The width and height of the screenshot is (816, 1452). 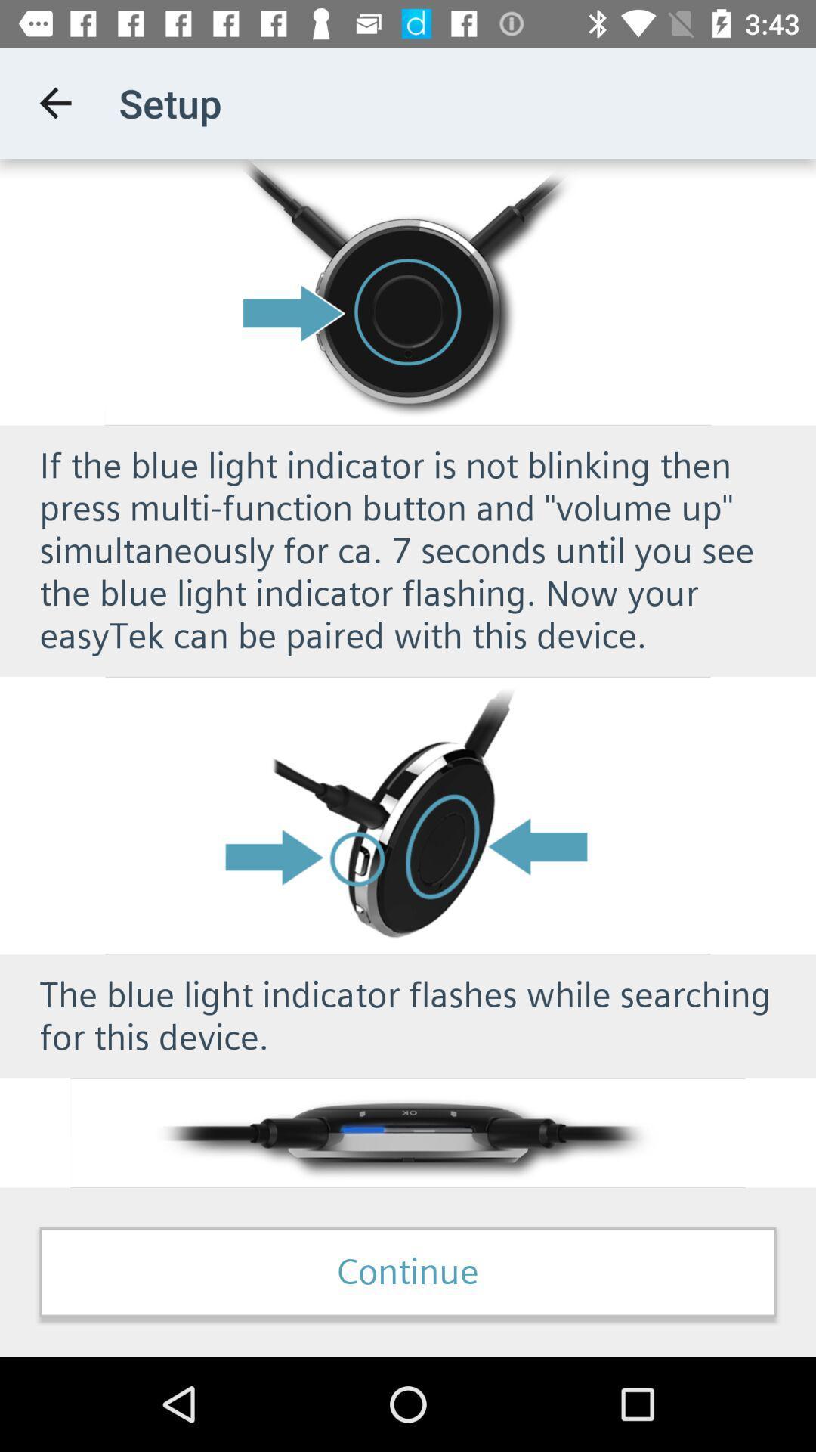 What do you see at coordinates (54, 102) in the screenshot?
I see `the icon to the left of setup app` at bounding box center [54, 102].